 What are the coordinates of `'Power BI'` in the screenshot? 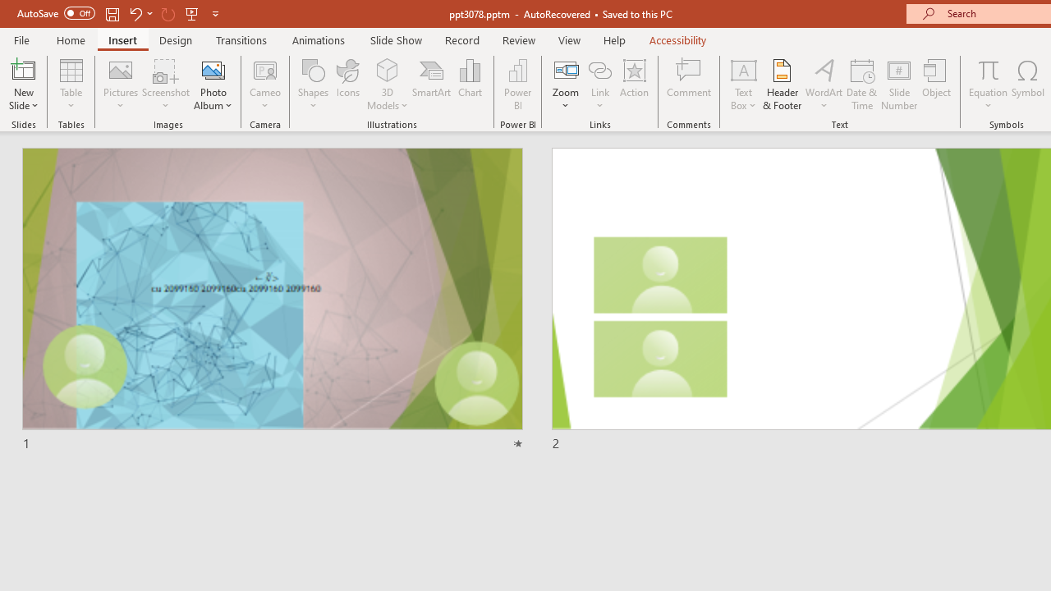 It's located at (517, 85).